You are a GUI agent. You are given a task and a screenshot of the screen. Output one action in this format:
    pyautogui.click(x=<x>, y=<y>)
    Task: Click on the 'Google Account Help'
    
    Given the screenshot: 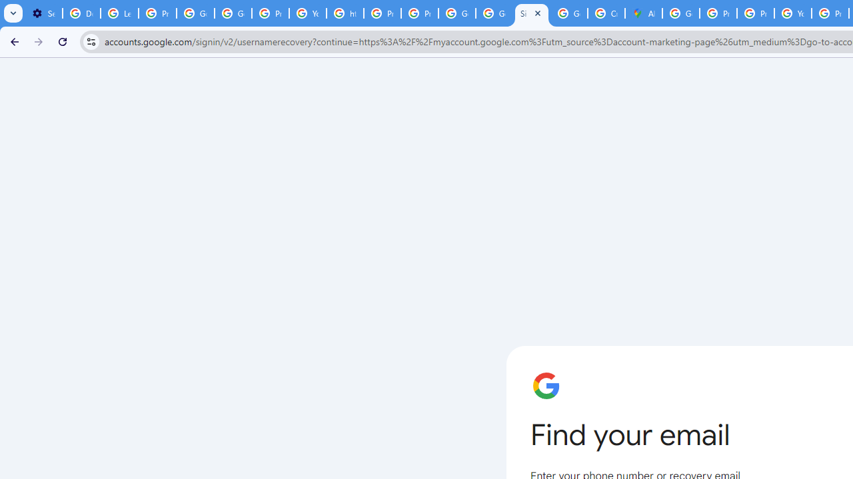 What is the action you would take?
    pyautogui.click(x=195, y=13)
    